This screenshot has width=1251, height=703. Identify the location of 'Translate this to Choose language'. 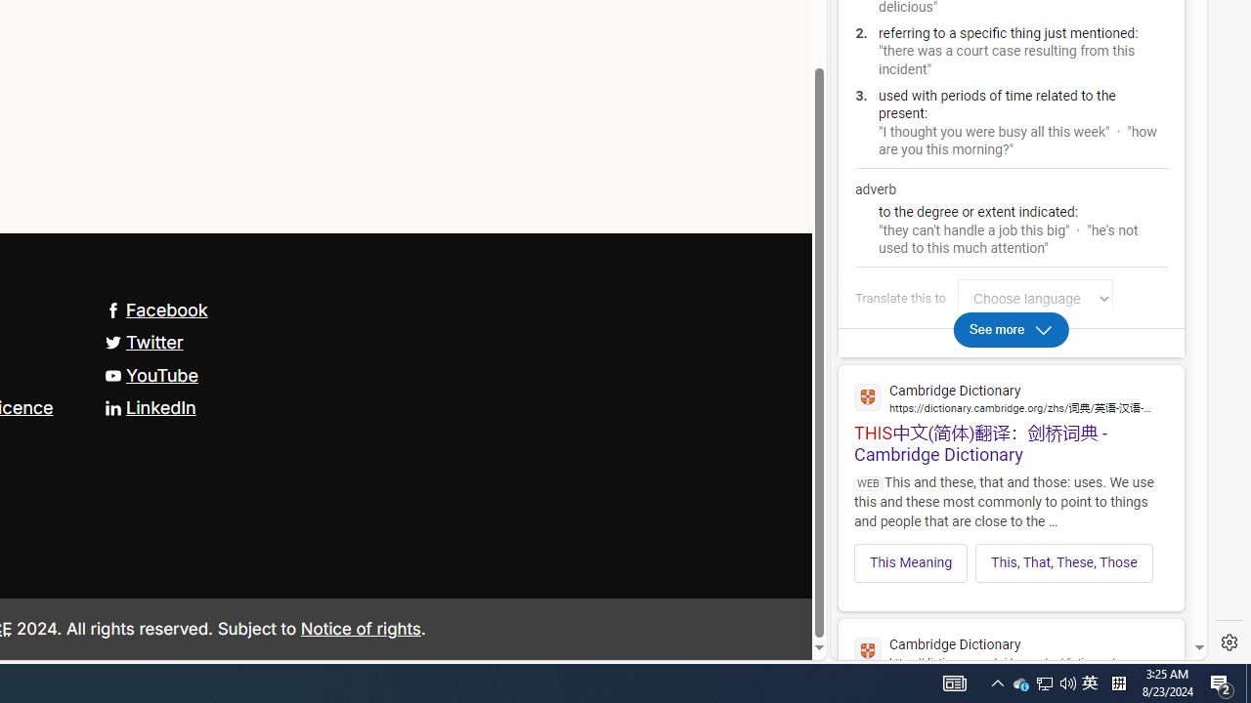
(1034, 298).